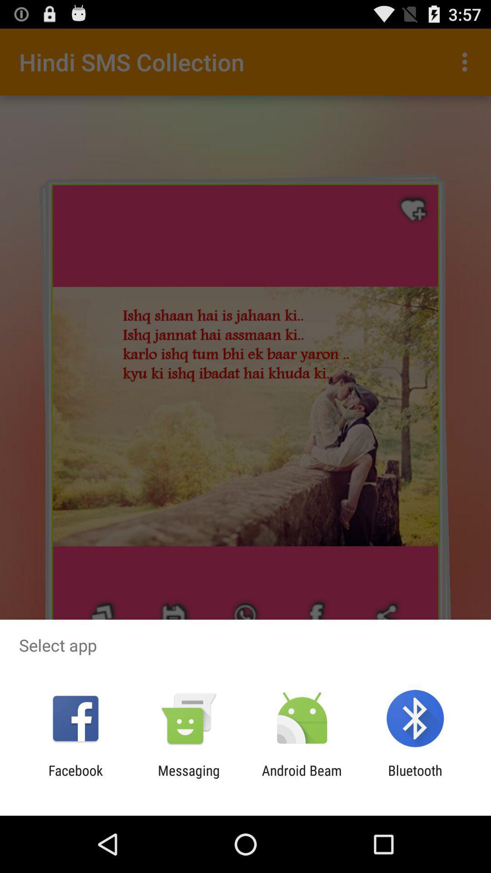  What do you see at coordinates (302, 778) in the screenshot?
I see `the android beam app` at bounding box center [302, 778].